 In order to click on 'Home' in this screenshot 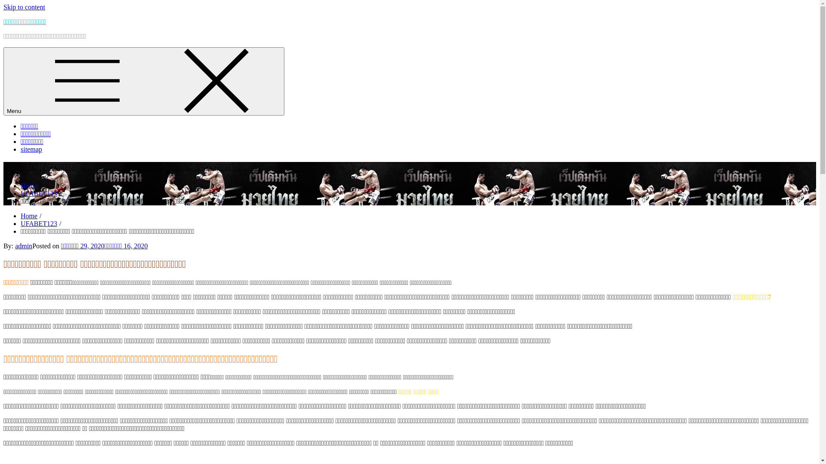, I will do `click(29, 215)`.